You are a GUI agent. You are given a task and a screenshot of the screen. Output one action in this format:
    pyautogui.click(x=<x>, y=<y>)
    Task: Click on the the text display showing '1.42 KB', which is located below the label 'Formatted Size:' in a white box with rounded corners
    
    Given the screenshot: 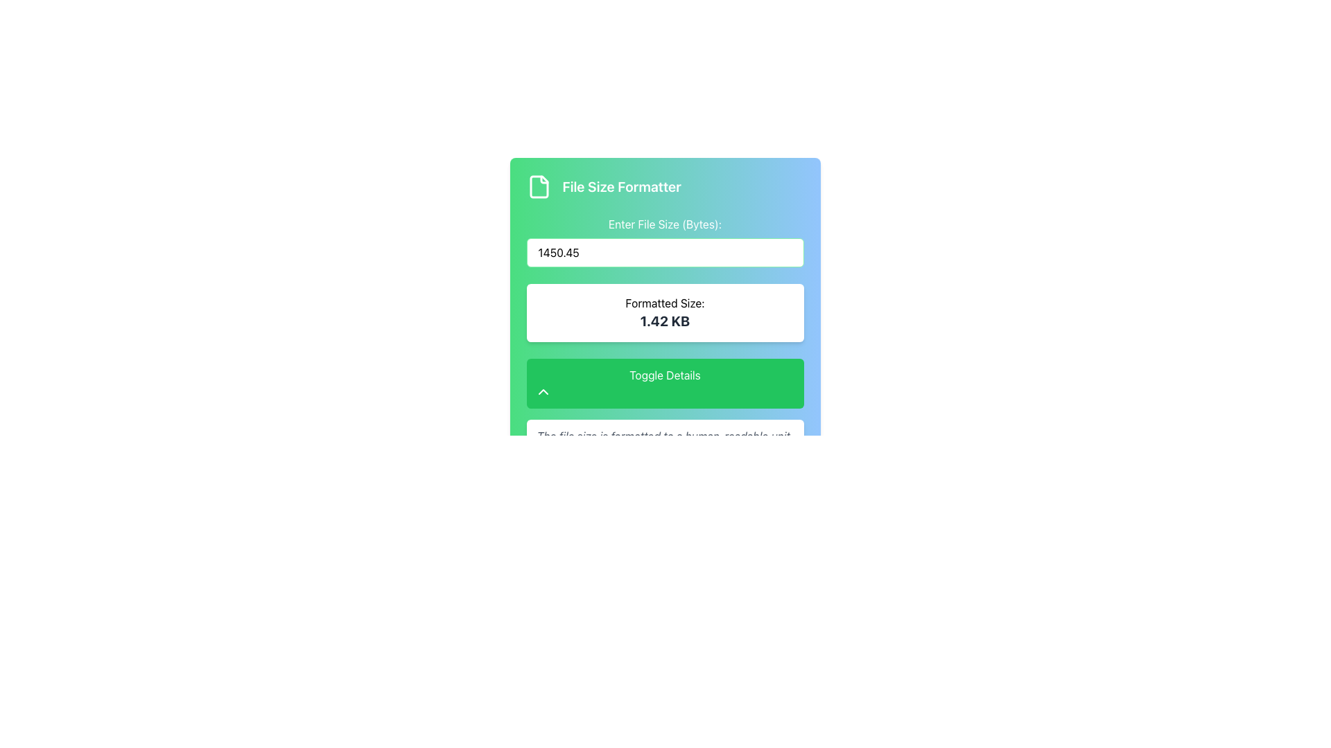 What is the action you would take?
    pyautogui.click(x=664, y=321)
    